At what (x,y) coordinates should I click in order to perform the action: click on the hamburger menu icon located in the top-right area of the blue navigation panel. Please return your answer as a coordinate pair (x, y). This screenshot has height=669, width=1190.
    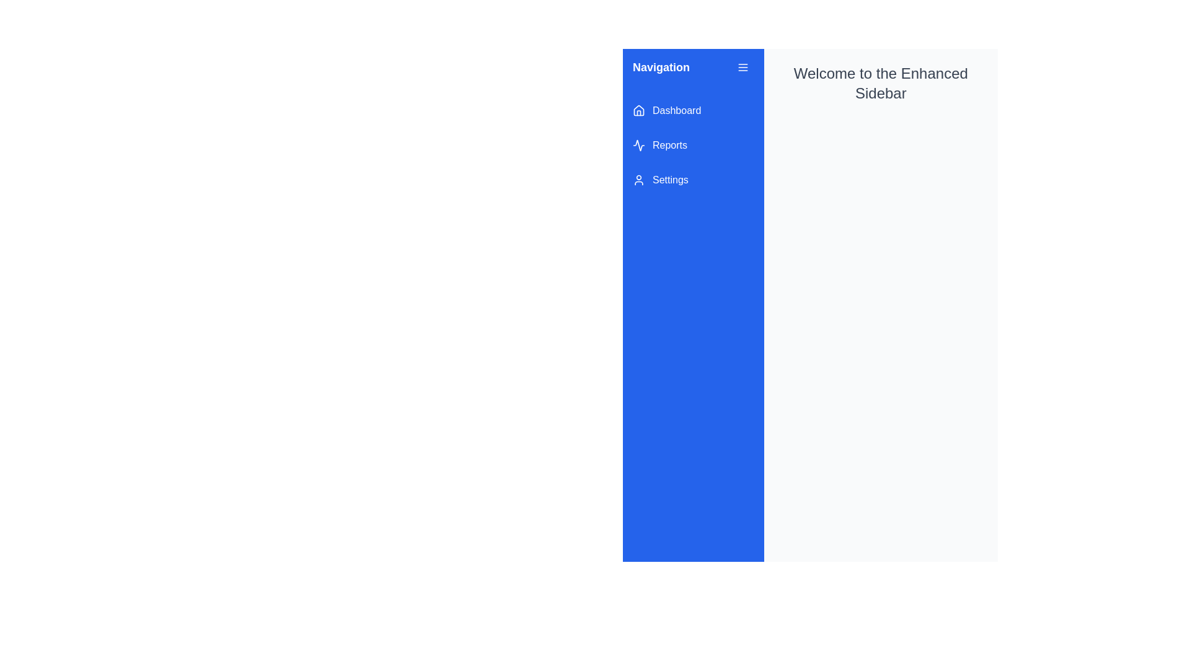
    Looking at the image, I should click on (743, 67).